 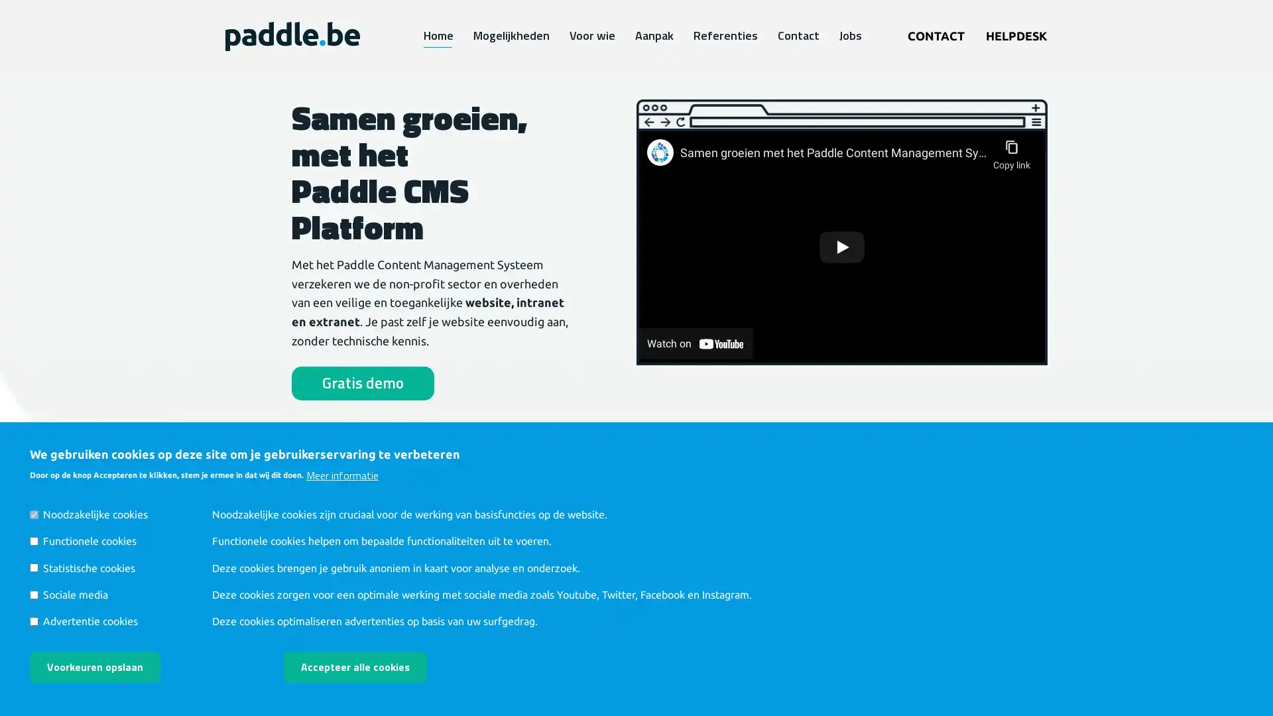 What do you see at coordinates (342, 474) in the screenshot?
I see `Meer informatie` at bounding box center [342, 474].